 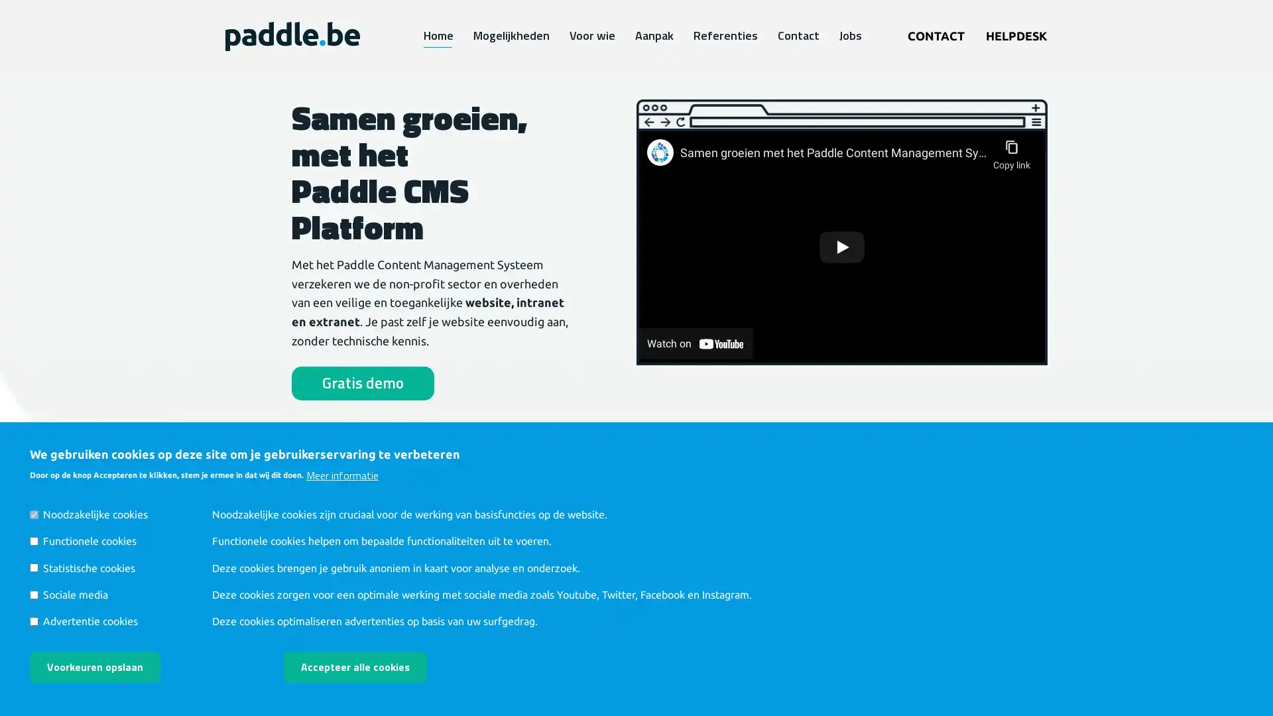 What do you see at coordinates (342, 474) in the screenshot?
I see `Meer informatie` at bounding box center [342, 474].